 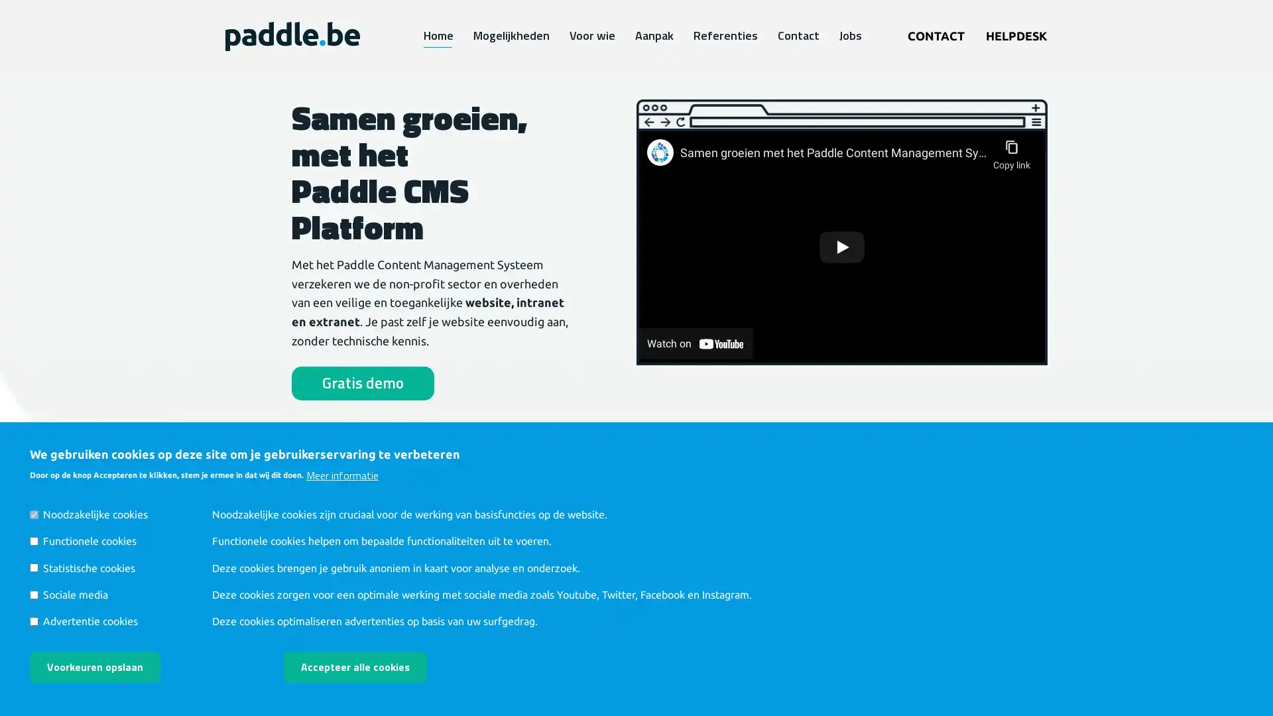 What do you see at coordinates (342, 474) in the screenshot?
I see `Meer informatie` at bounding box center [342, 474].